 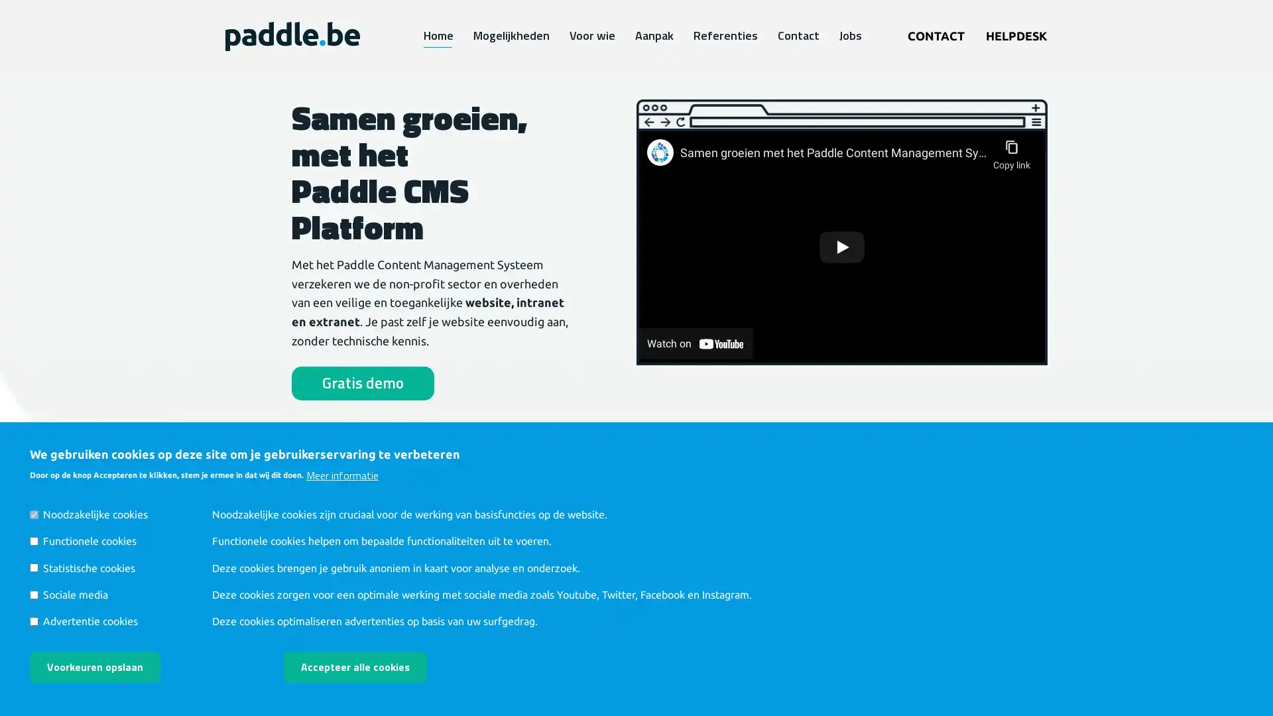 What do you see at coordinates (342, 474) in the screenshot?
I see `Meer informatie` at bounding box center [342, 474].